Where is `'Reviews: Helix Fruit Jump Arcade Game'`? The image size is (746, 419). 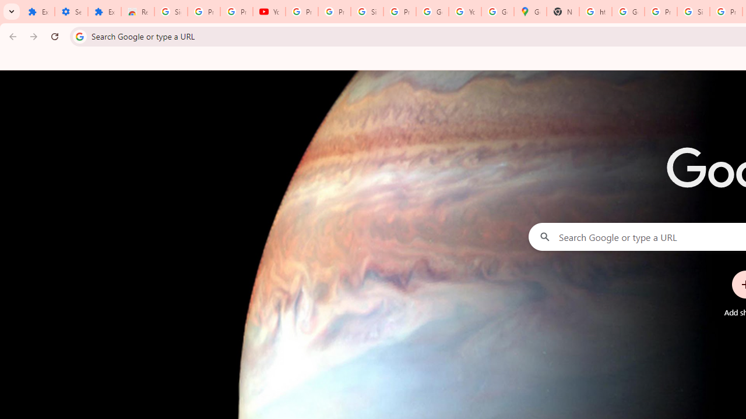 'Reviews: Helix Fruit Jump Arcade Game' is located at coordinates (138, 12).